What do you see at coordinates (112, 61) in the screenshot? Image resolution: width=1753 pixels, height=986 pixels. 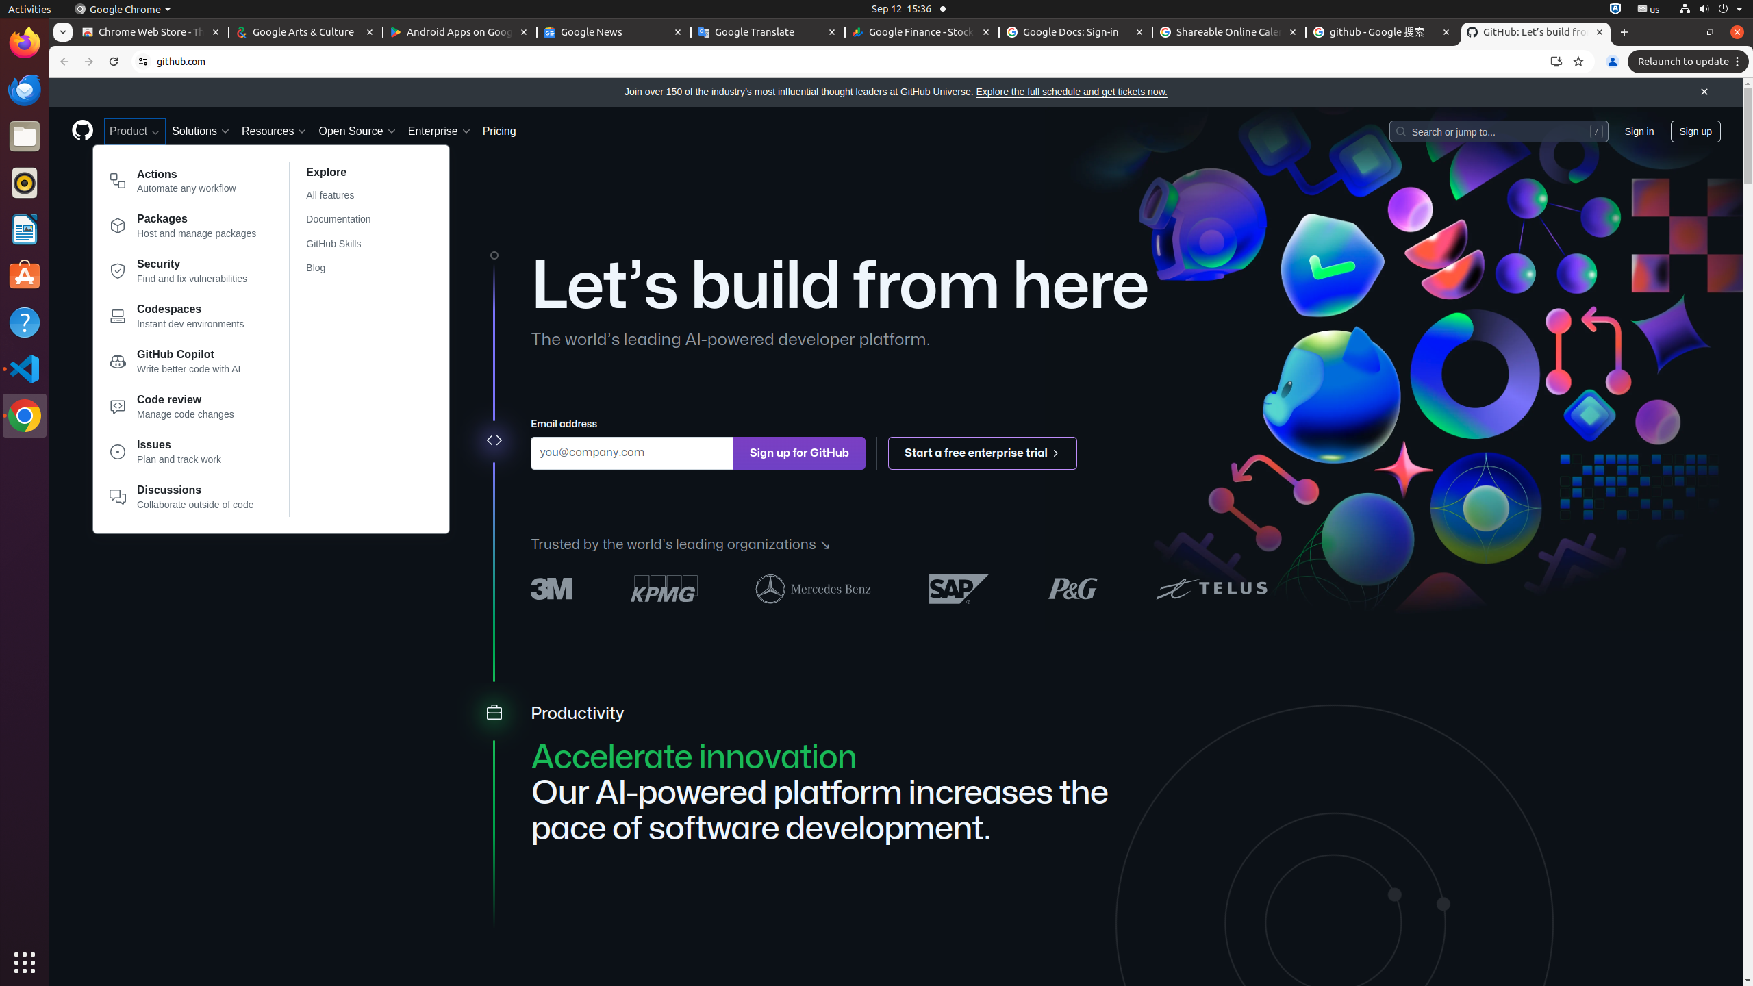 I see `'Reload'` at bounding box center [112, 61].